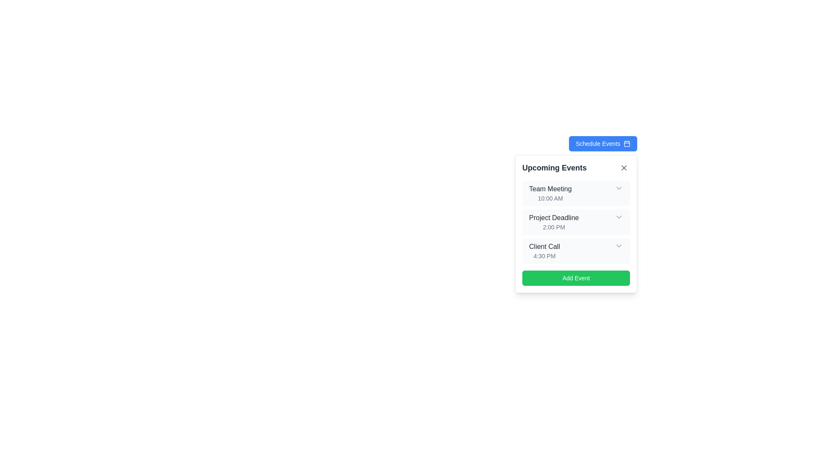 The image size is (814, 458). Describe the element at coordinates (554, 217) in the screenshot. I see `text label displaying 'Project Deadline' which is styled in medium-weight gray font against a white background, located within the 'Upcoming Events' section` at that location.